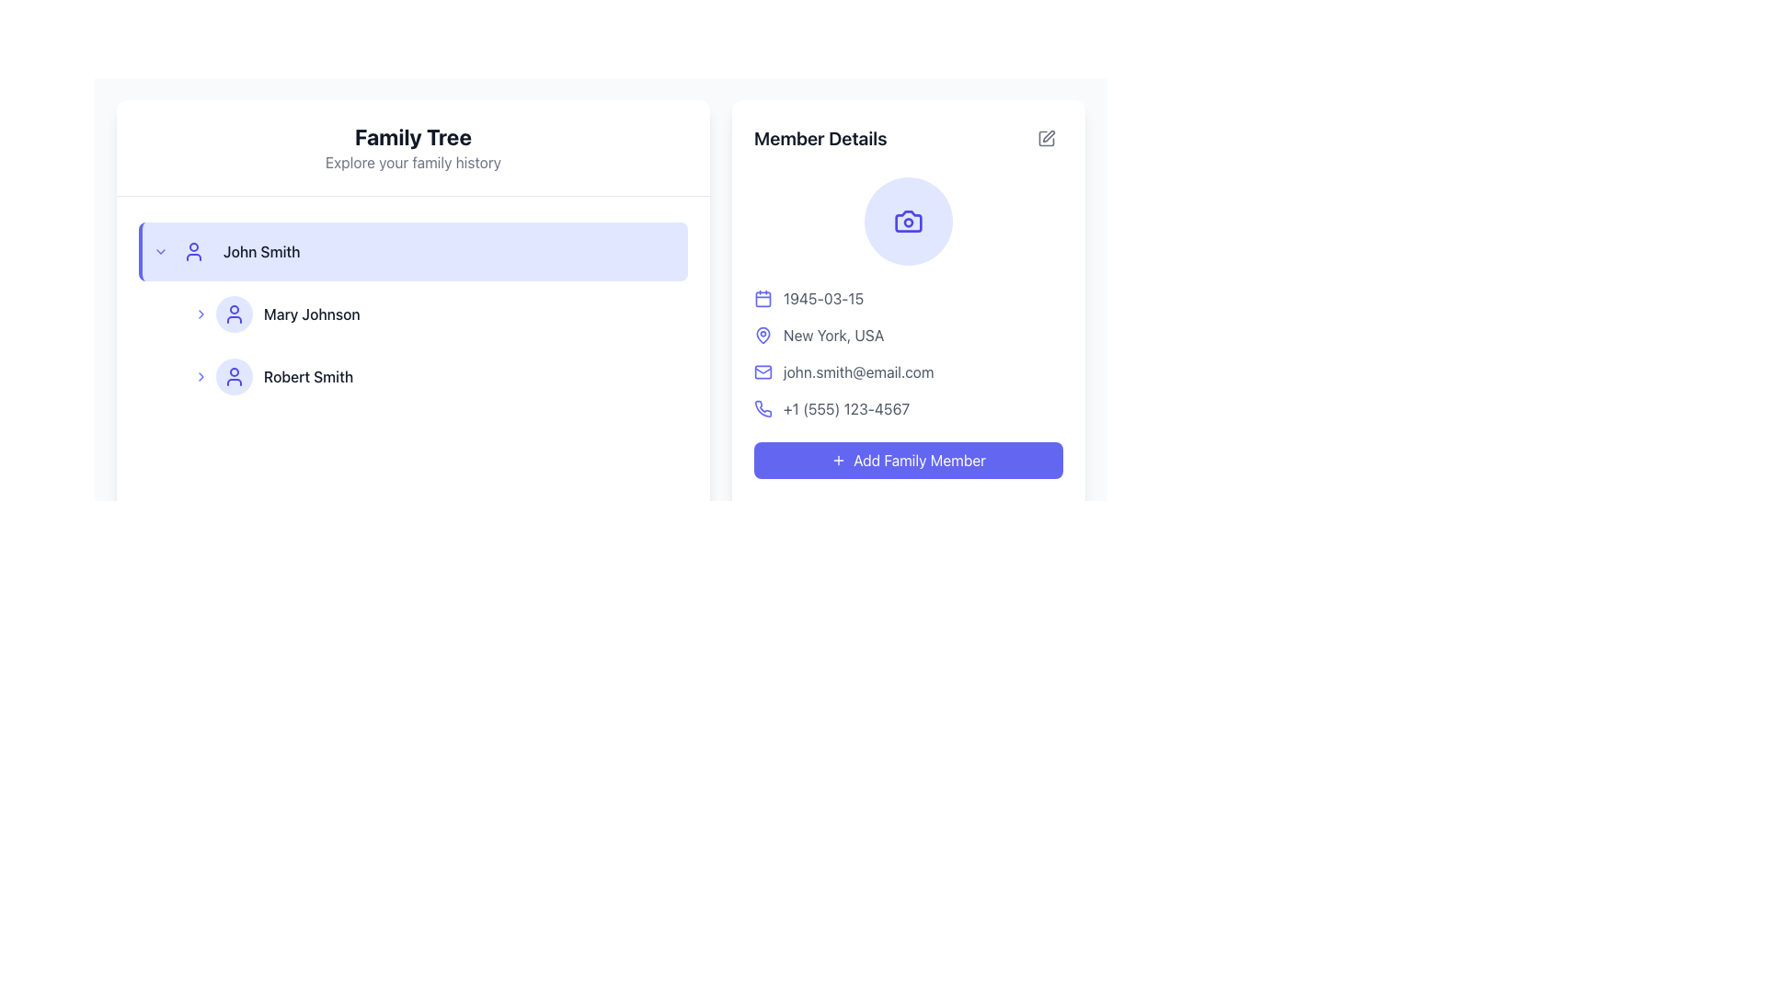  I want to click on the rightward chevron icon located to the left of the user avatar in the family tree interface representing 'Robert Smith', so click(201, 375).